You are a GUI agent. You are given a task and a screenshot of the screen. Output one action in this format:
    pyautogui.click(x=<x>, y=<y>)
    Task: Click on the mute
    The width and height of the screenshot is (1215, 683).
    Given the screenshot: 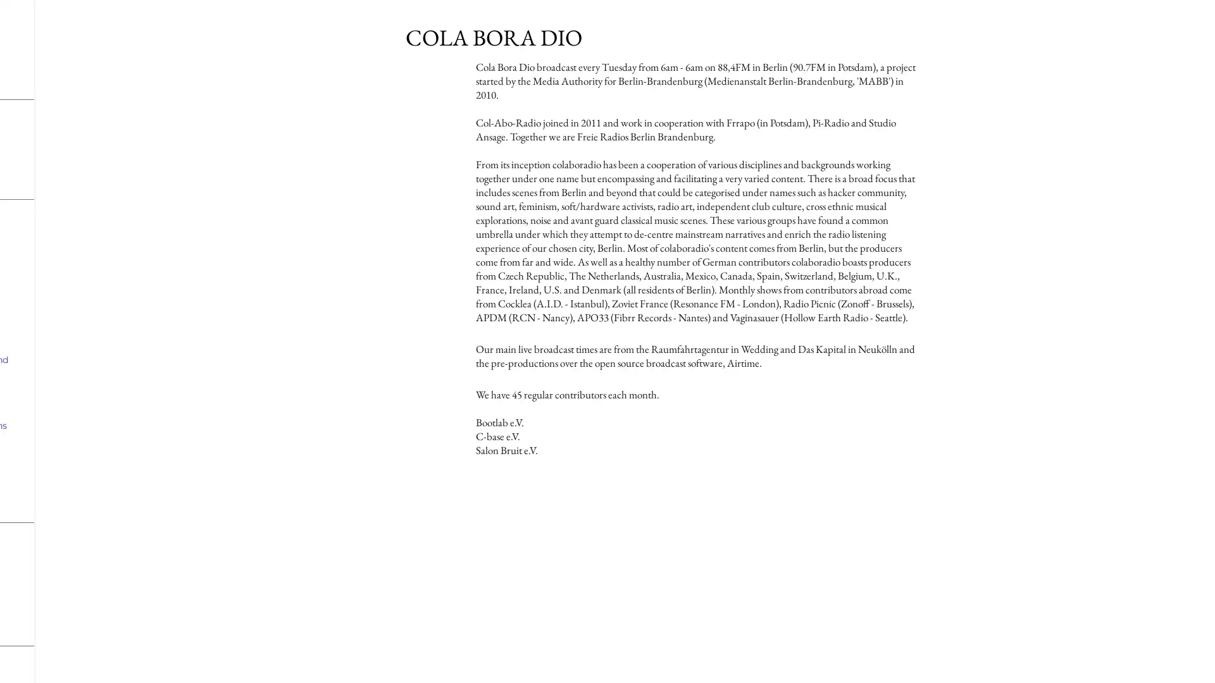 What is the action you would take?
    pyautogui.click(x=96, y=153)
    